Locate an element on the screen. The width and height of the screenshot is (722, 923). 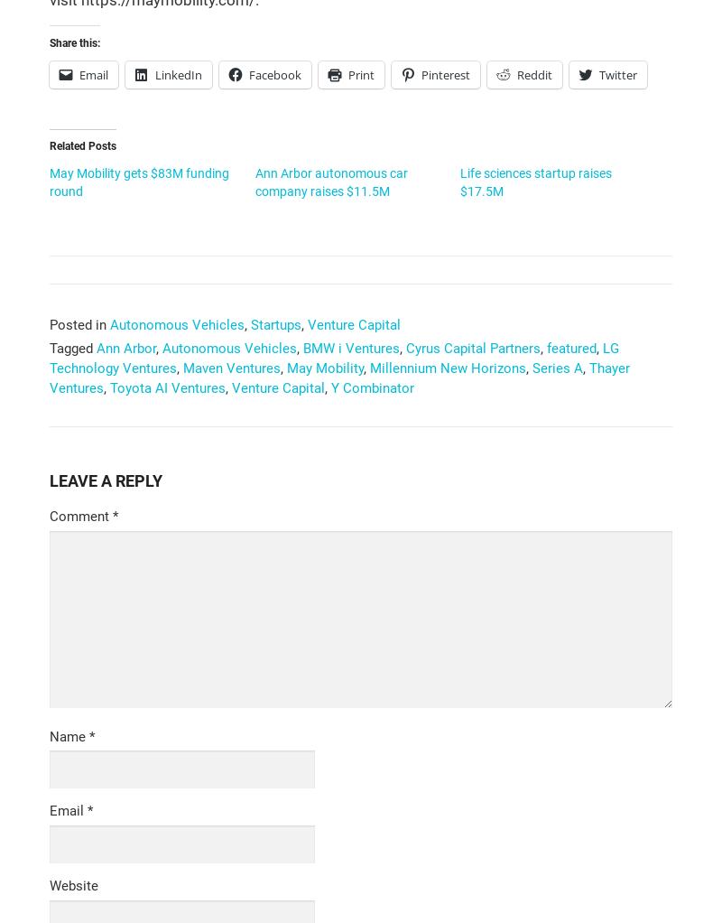
'Twitter' is located at coordinates (617, 72).